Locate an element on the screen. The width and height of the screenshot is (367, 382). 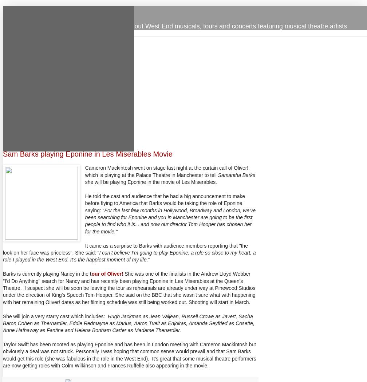
'Musical Theatre News' is located at coordinates (48, 10).